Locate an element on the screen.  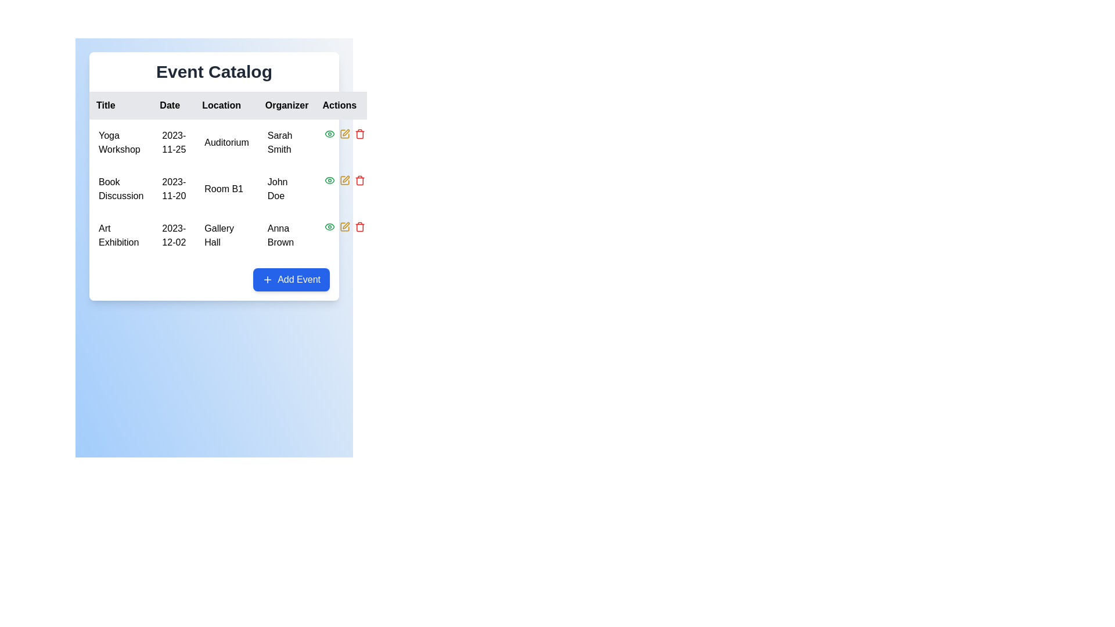
the second row of the table representing the 'Book Discussion' event scheduled for 2023-11-20 in Room B1, organized by John Doe is located at coordinates (232, 189).